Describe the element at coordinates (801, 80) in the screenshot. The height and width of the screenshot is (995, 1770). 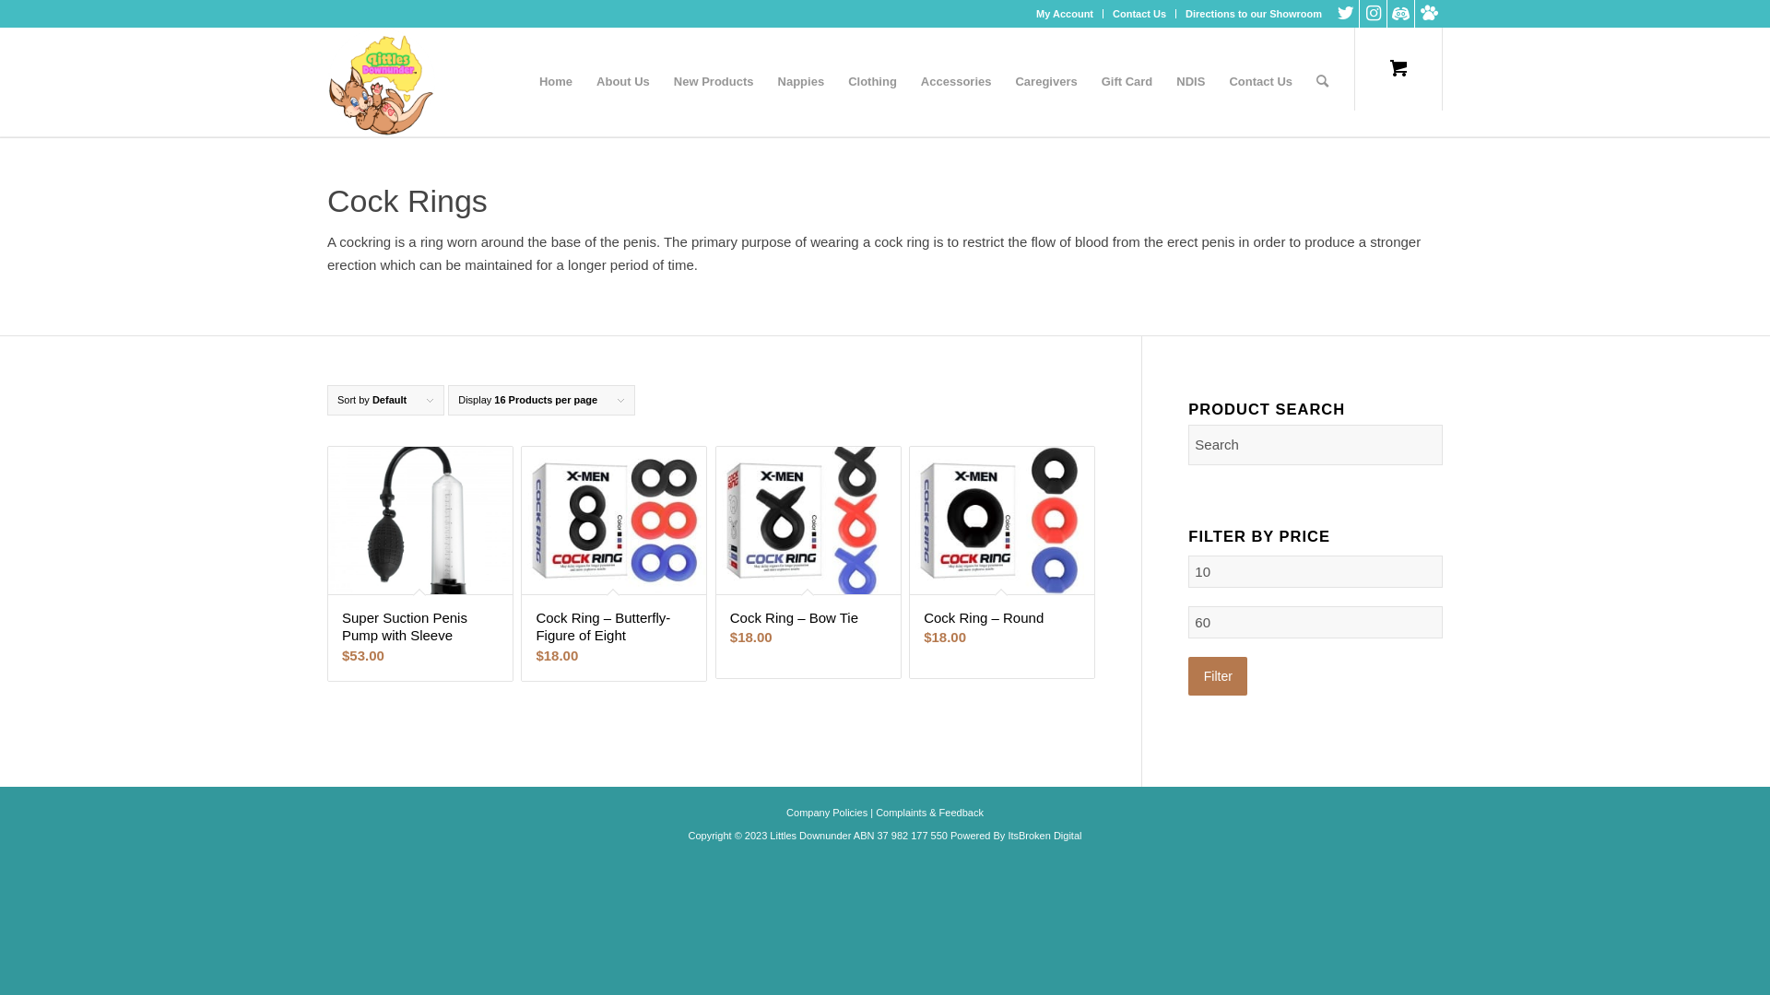
I see `'Nappies'` at that location.